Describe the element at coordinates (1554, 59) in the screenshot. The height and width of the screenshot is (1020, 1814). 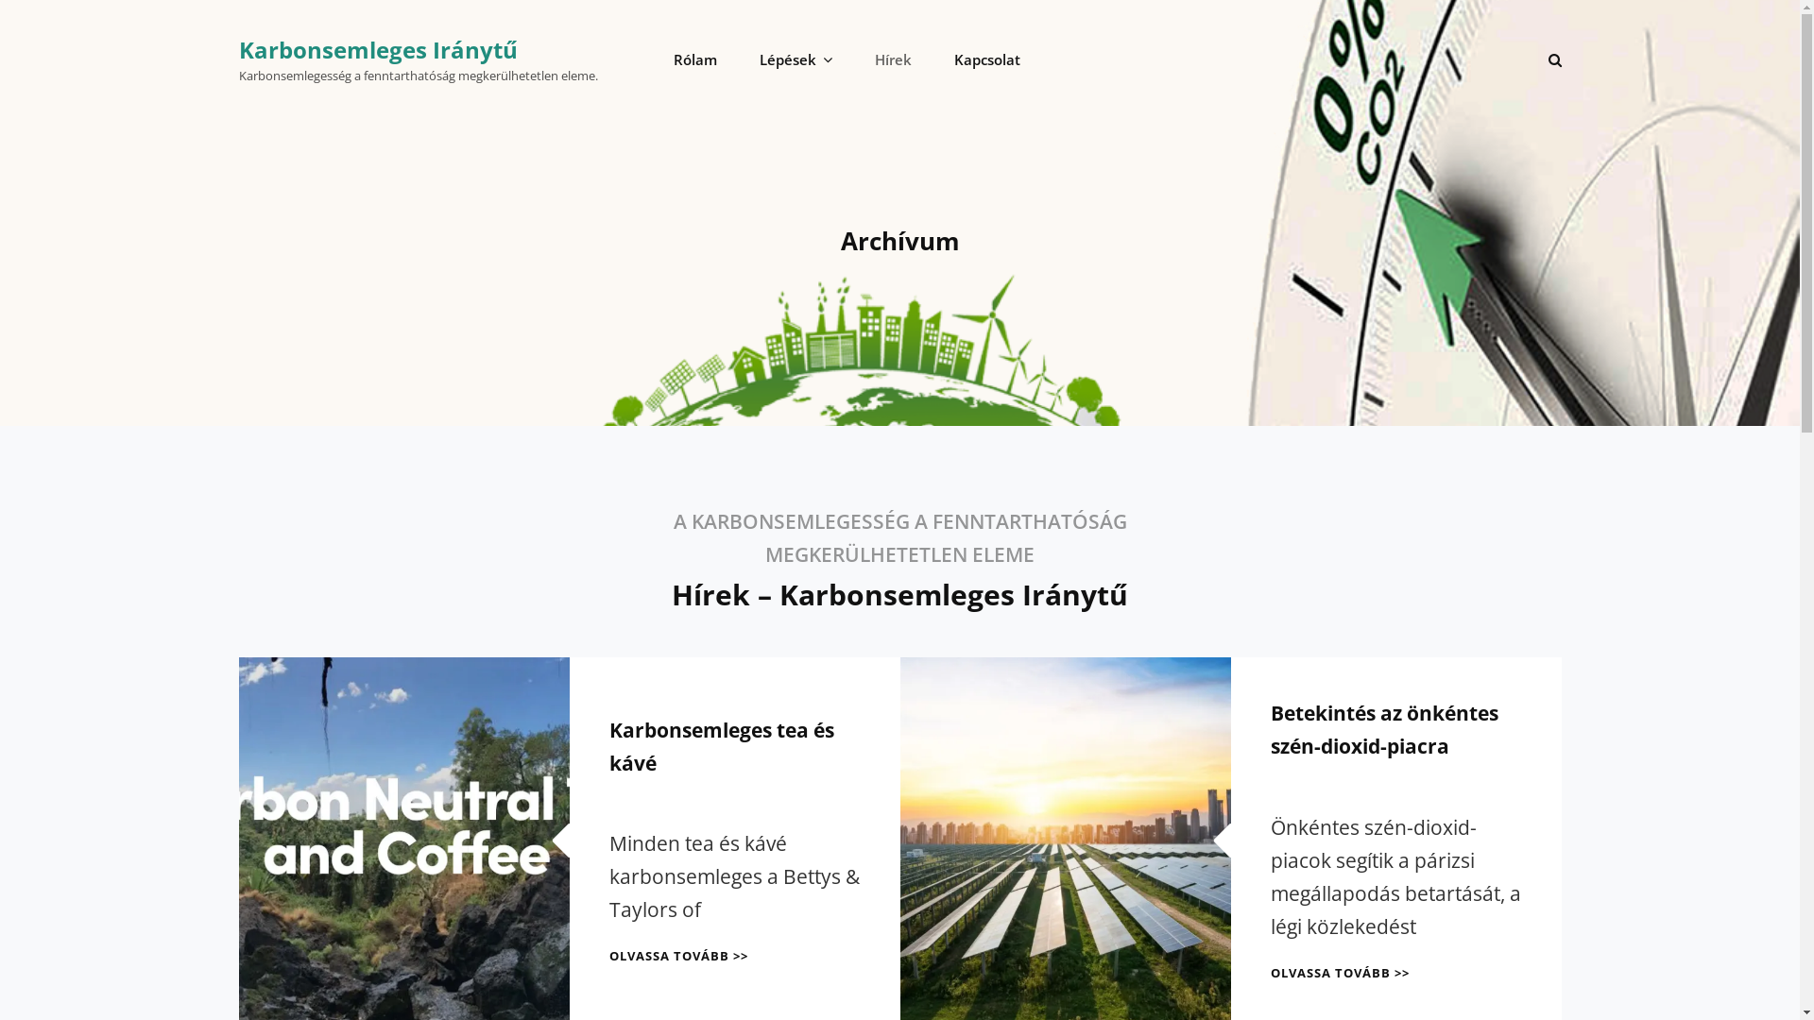
I see `'SEARCH'` at that location.